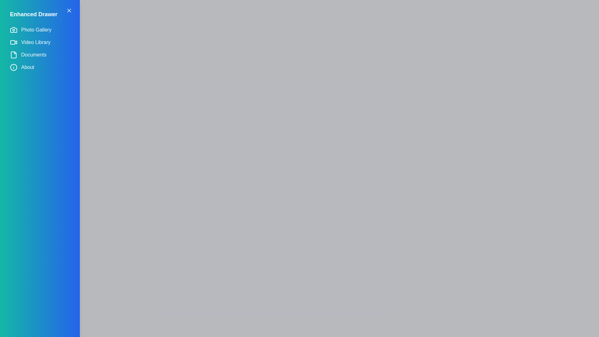  Describe the element at coordinates (13, 30) in the screenshot. I see `the small camera icon in the sidebar menu, which is adjacent to the text 'Photo Gallery'` at that location.